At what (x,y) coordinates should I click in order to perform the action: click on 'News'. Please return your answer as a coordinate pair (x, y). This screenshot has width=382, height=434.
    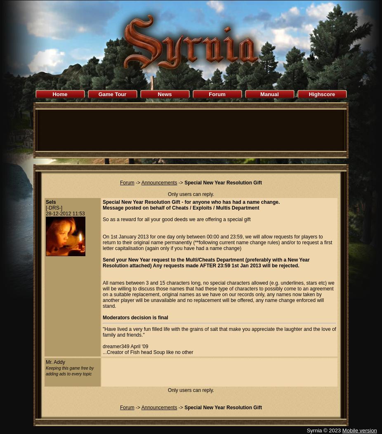
    Looking at the image, I should click on (165, 94).